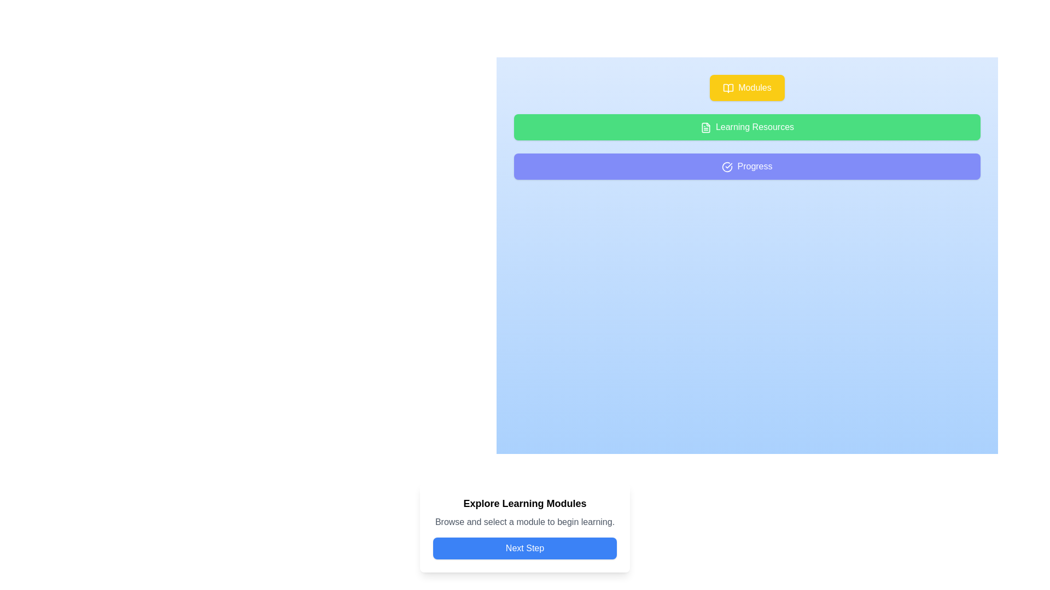  What do you see at coordinates (746, 87) in the screenshot?
I see `the 'Modules' button, which has a yellow background, white text, and a rounded rectangular shape` at bounding box center [746, 87].